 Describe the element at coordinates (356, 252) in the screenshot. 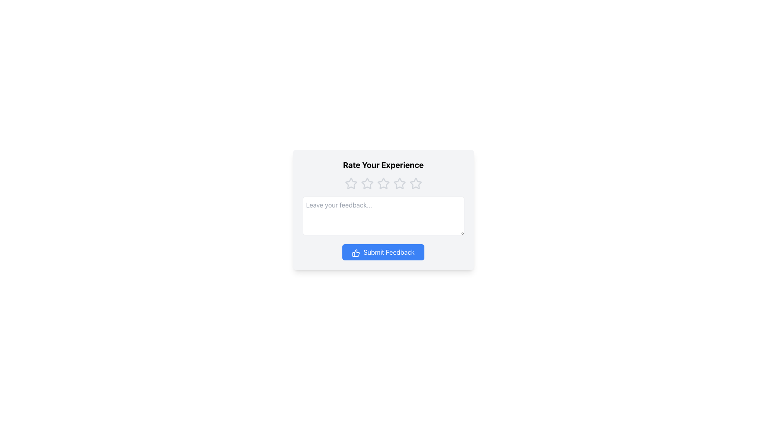

I see `the blue thumbs-up icon with a white outline, which is embedded within the 'Submit Feedback' button located below the feedback form` at that location.